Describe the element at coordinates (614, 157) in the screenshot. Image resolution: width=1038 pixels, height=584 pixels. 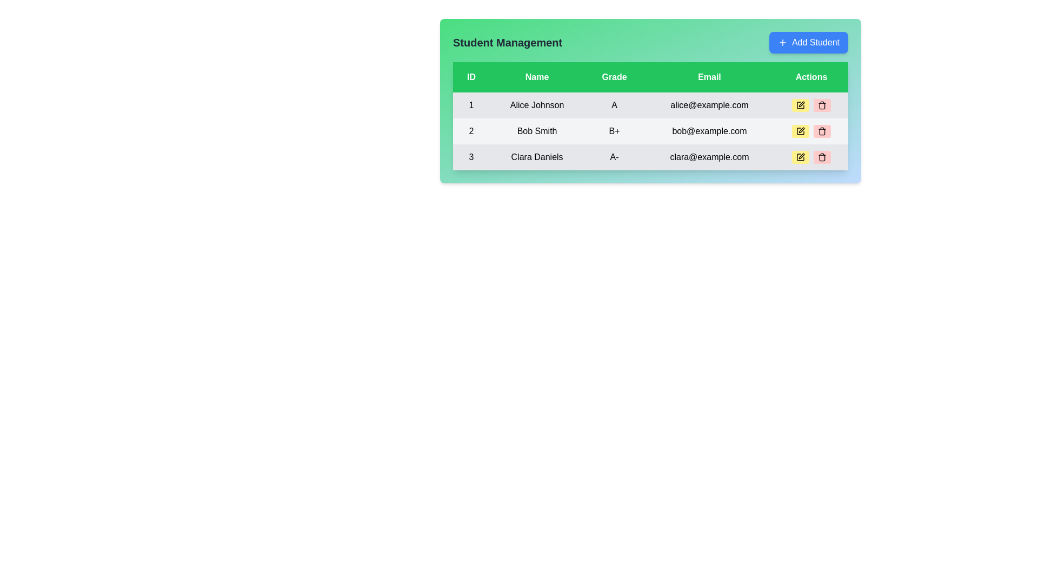
I see `the static text element representing the grade 'A-' in the third row of the table under the 'Grade' column` at that location.